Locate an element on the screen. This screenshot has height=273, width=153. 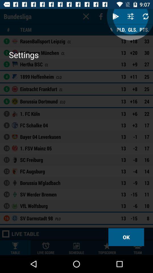
the sliders icon is located at coordinates (131, 16).